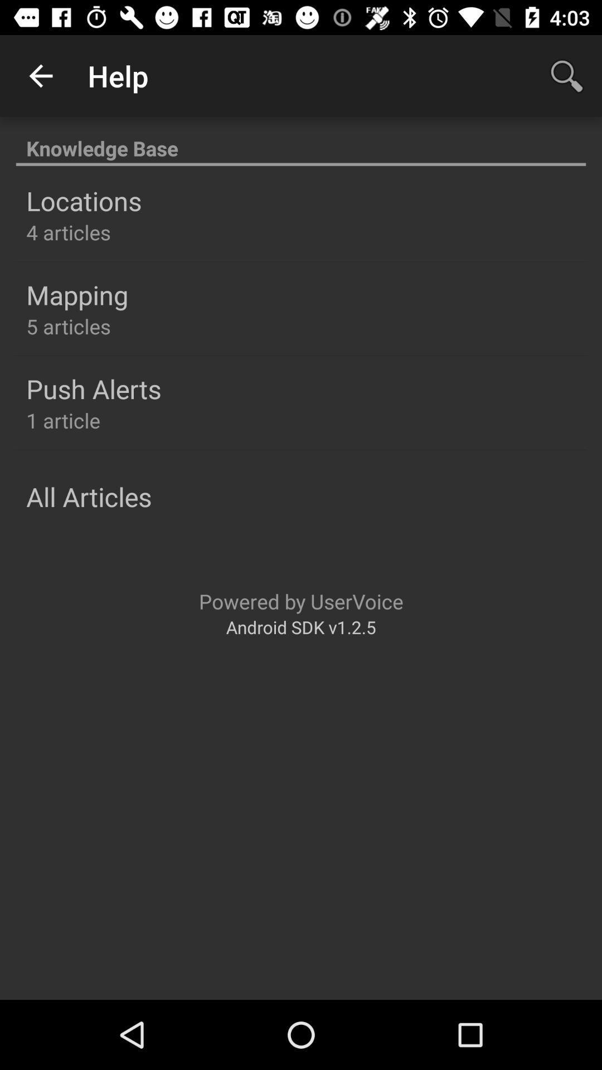 This screenshot has width=602, height=1070. What do you see at coordinates (76, 295) in the screenshot?
I see `icon above 5 articles item` at bounding box center [76, 295].